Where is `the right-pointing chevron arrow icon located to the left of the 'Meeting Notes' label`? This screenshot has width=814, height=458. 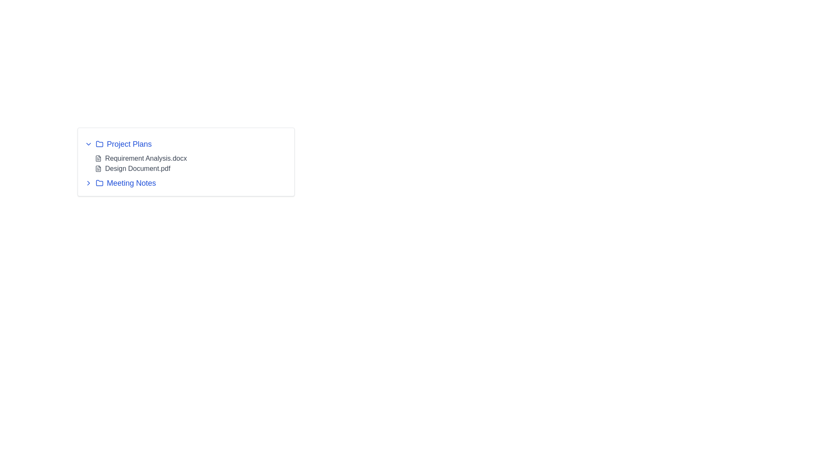 the right-pointing chevron arrow icon located to the left of the 'Meeting Notes' label is located at coordinates (89, 183).